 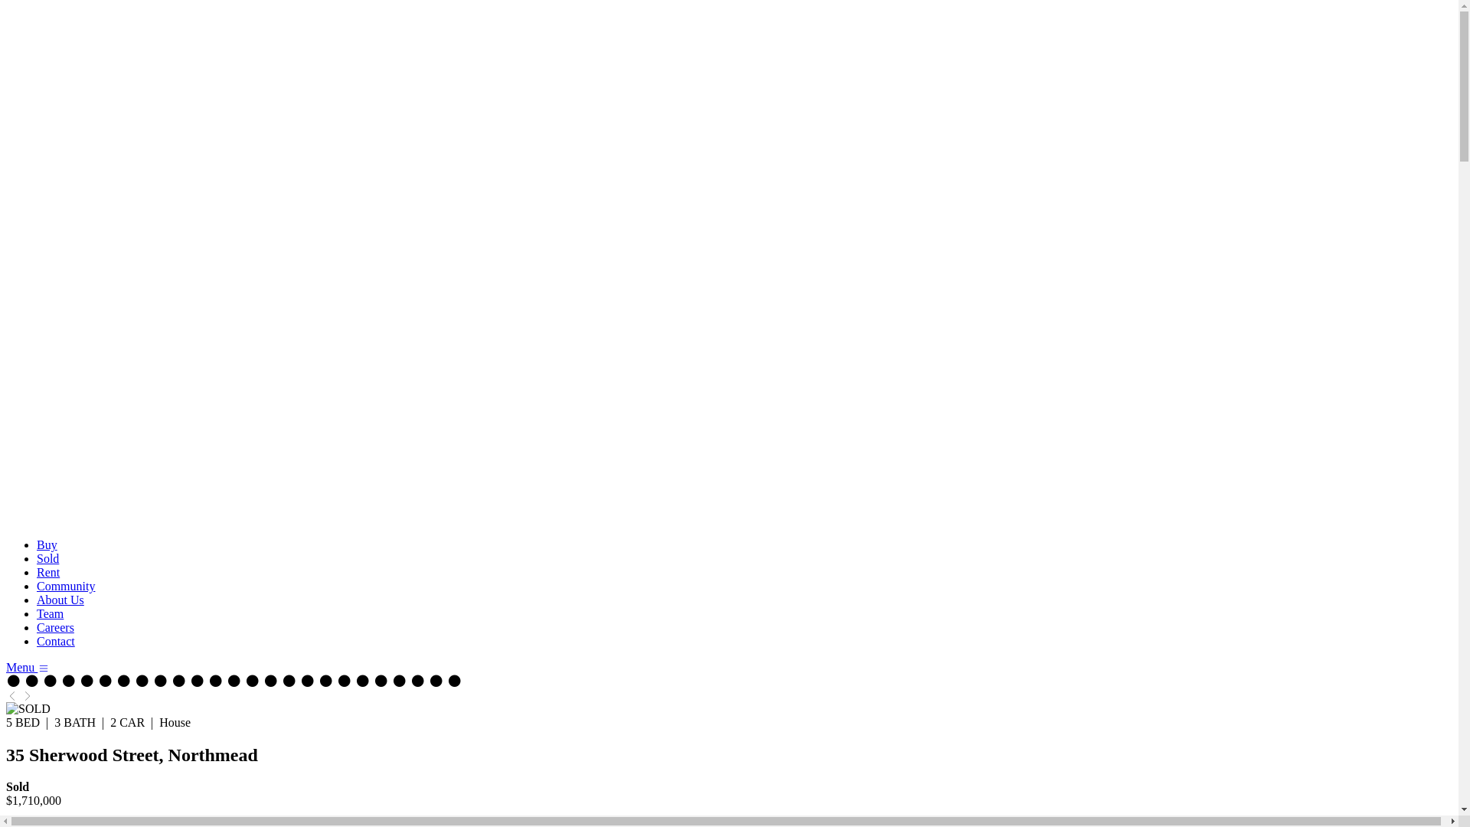 What do you see at coordinates (50, 613) in the screenshot?
I see `'Team'` at bounding box center [50, 613].